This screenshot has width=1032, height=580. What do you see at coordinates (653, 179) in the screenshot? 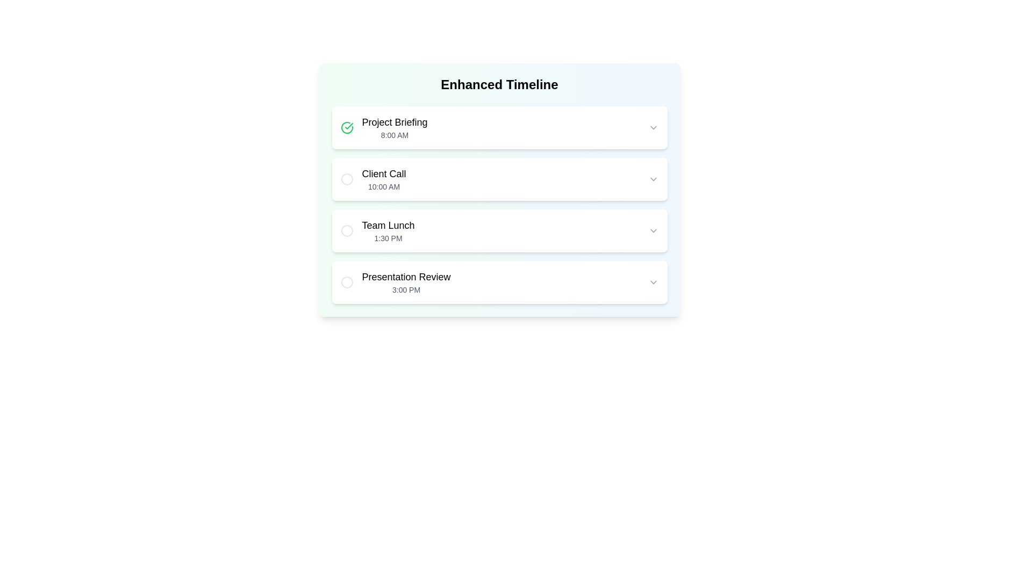
I see `the chevron down icon at the far right end of the 'Client Call' timeline entry` at bounding box center [653, 179].